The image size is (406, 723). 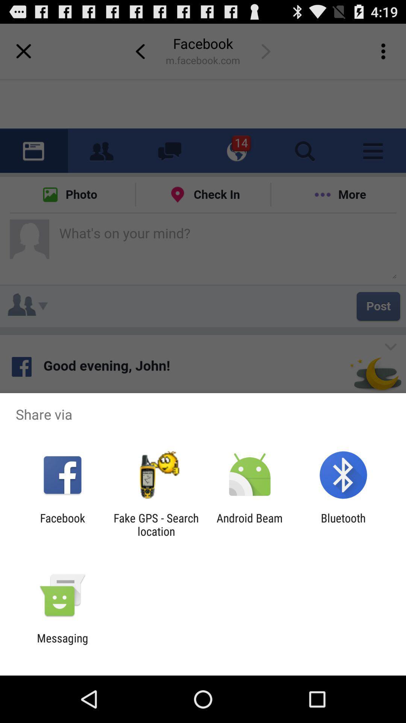 I want to click on app next to the fake gps search icon, so click(x=250, y=524).